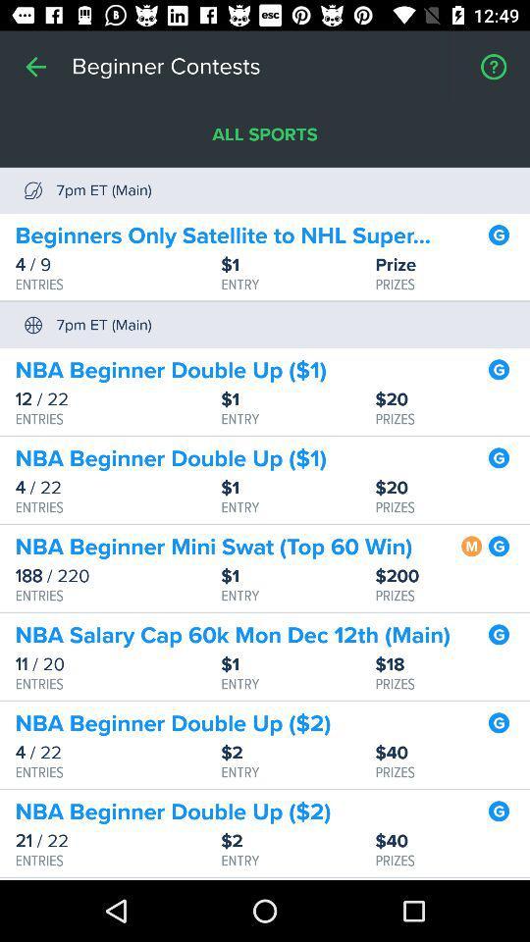  Describe the element at coordinates (118, 664) in the screenshot. I see `the item below the nba salary cap icon` at that location.